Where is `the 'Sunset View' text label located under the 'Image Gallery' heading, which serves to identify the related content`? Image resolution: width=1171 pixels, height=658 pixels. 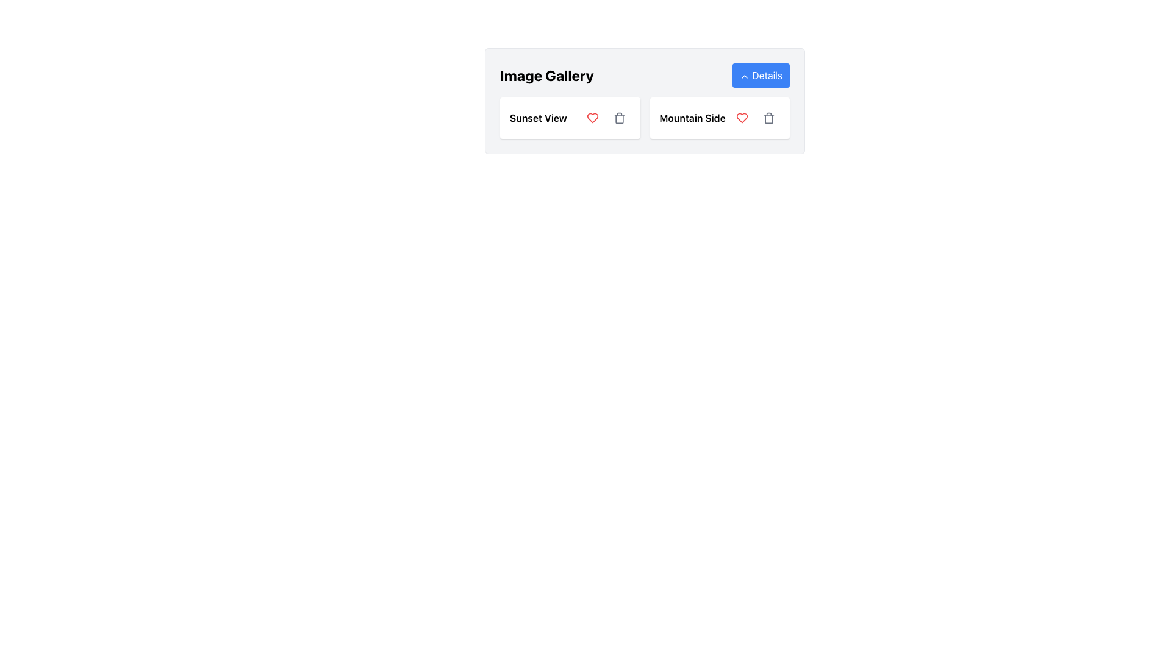
the 'Sunset View' text label located under the 'Image Gallery' heading, which serves to identify the related content is located at coordinates (538, 118).